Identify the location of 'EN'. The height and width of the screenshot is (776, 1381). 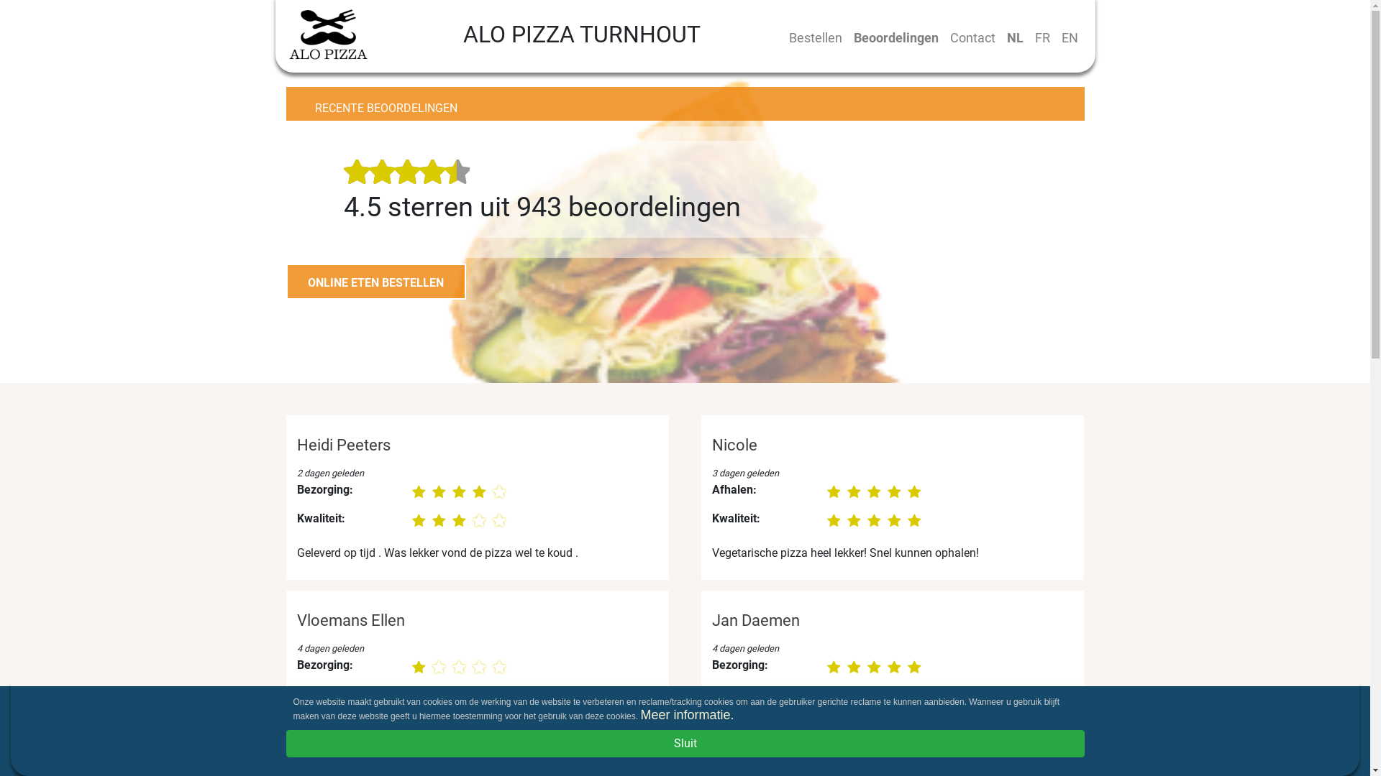
(1070, 37).